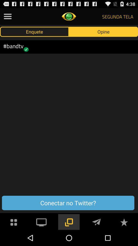 Image resolution: width=138 pixels, height=246 pixels. I want to click on the item to the left of opine, so click(34, 31).